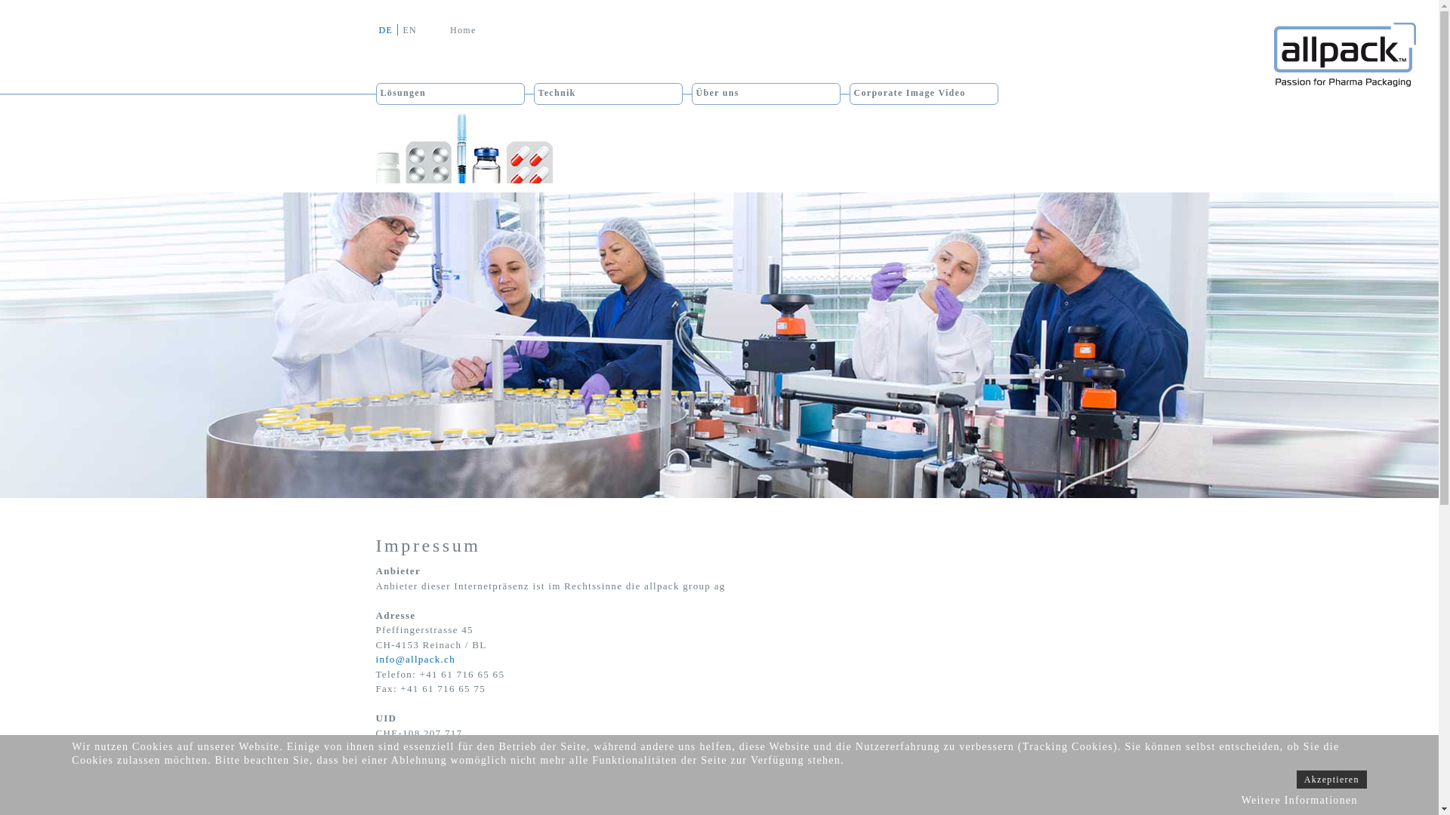 Image resolution: width=1450 pixels, height=815 pixels. What do you see at coordinates (909, 93) in the screenshot?
I see `'Corporate Image Video'` at bounding box center [909, 93].